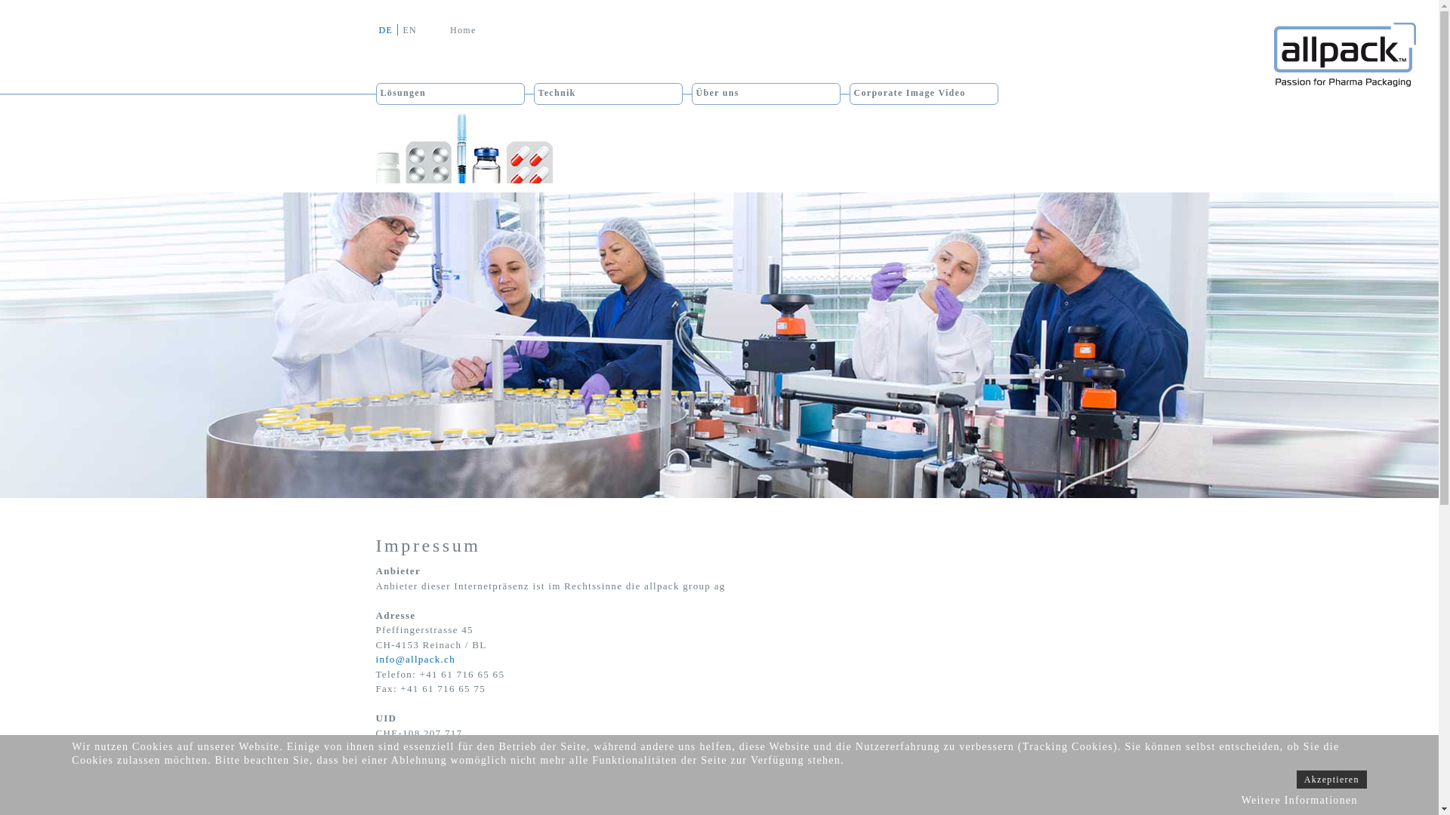 Image resolution: width=1450 pixels, height=815 pixels. What do you see at coordinates (909, 93) in the screenshot?
I see `'Corporate Image Video'` at bounding box center [909, 93].